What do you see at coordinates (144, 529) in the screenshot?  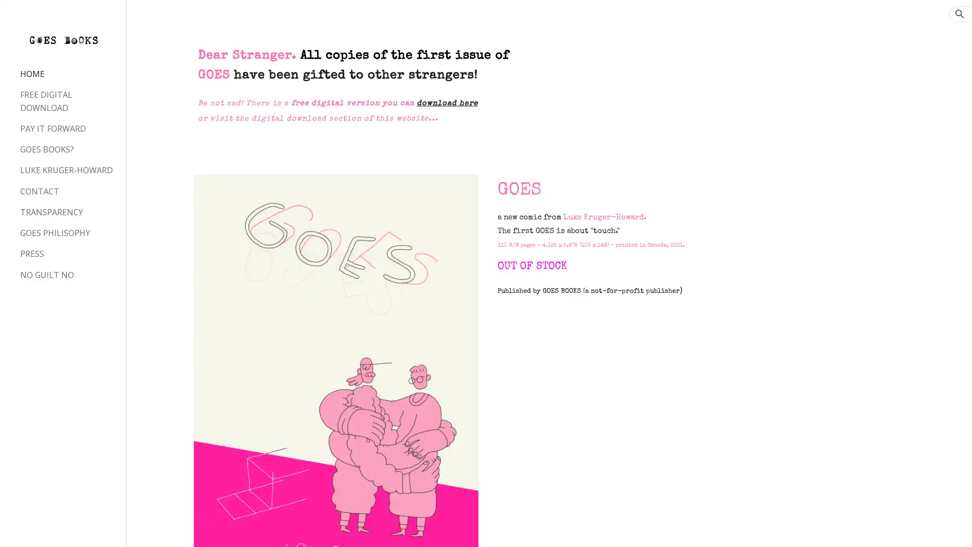 I see `Site actions` at bounding box center [144, 529].